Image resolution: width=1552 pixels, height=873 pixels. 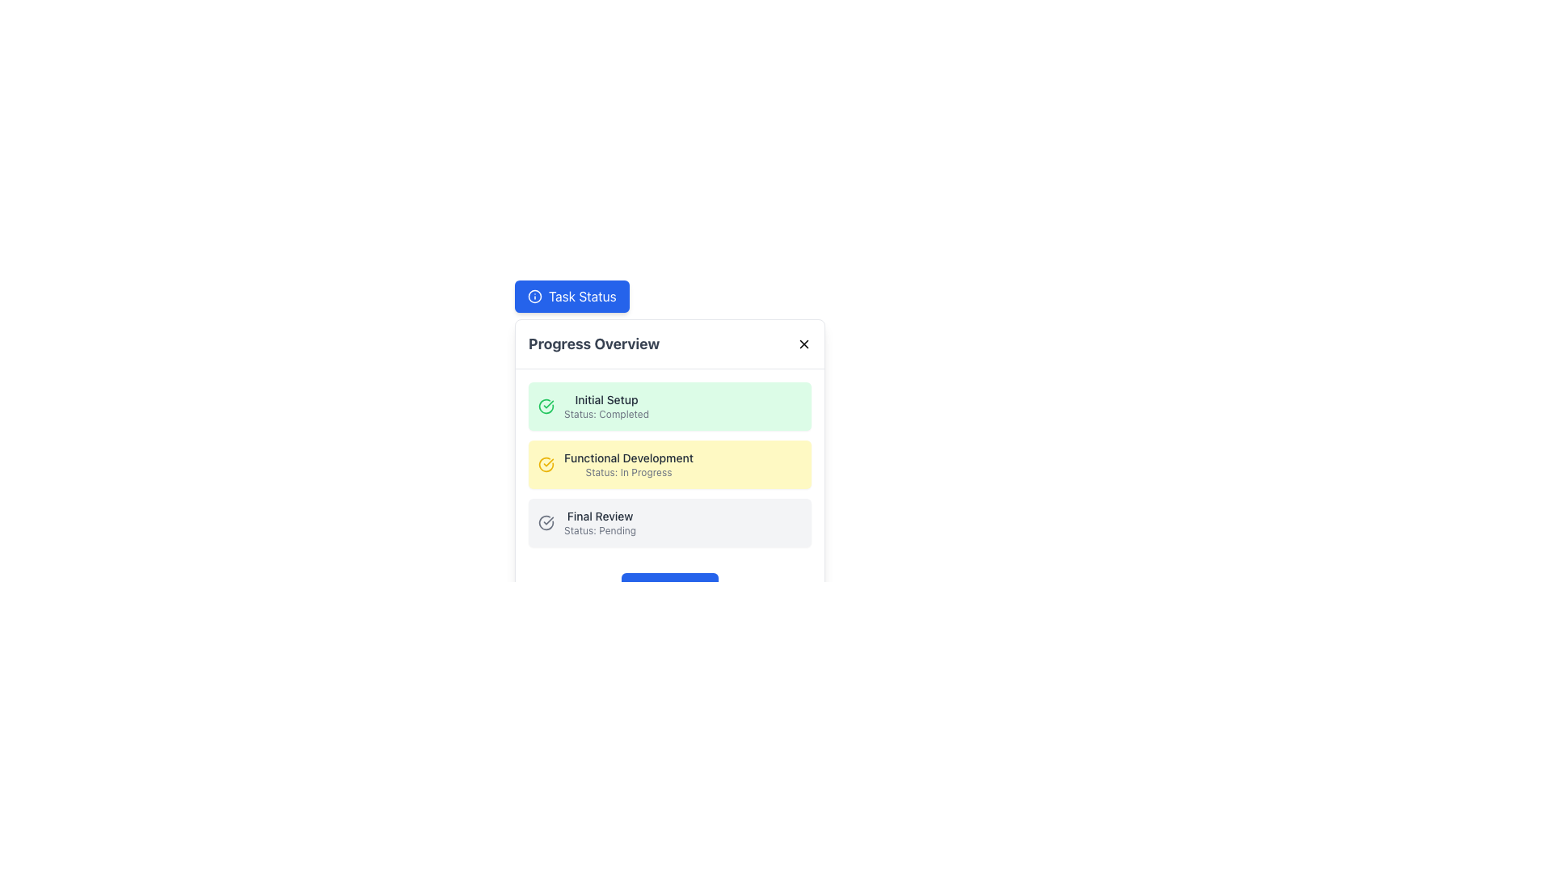 What do you see at coordinates (670, 464) in the screenshot?
I see `the yellow rectangular status indicator card labeled 'Functional Development' that contains the text 'Status: In Progress' and is located between the 'Initial Setup' and 'Final Review' panels` at bounding box center [670, 464].